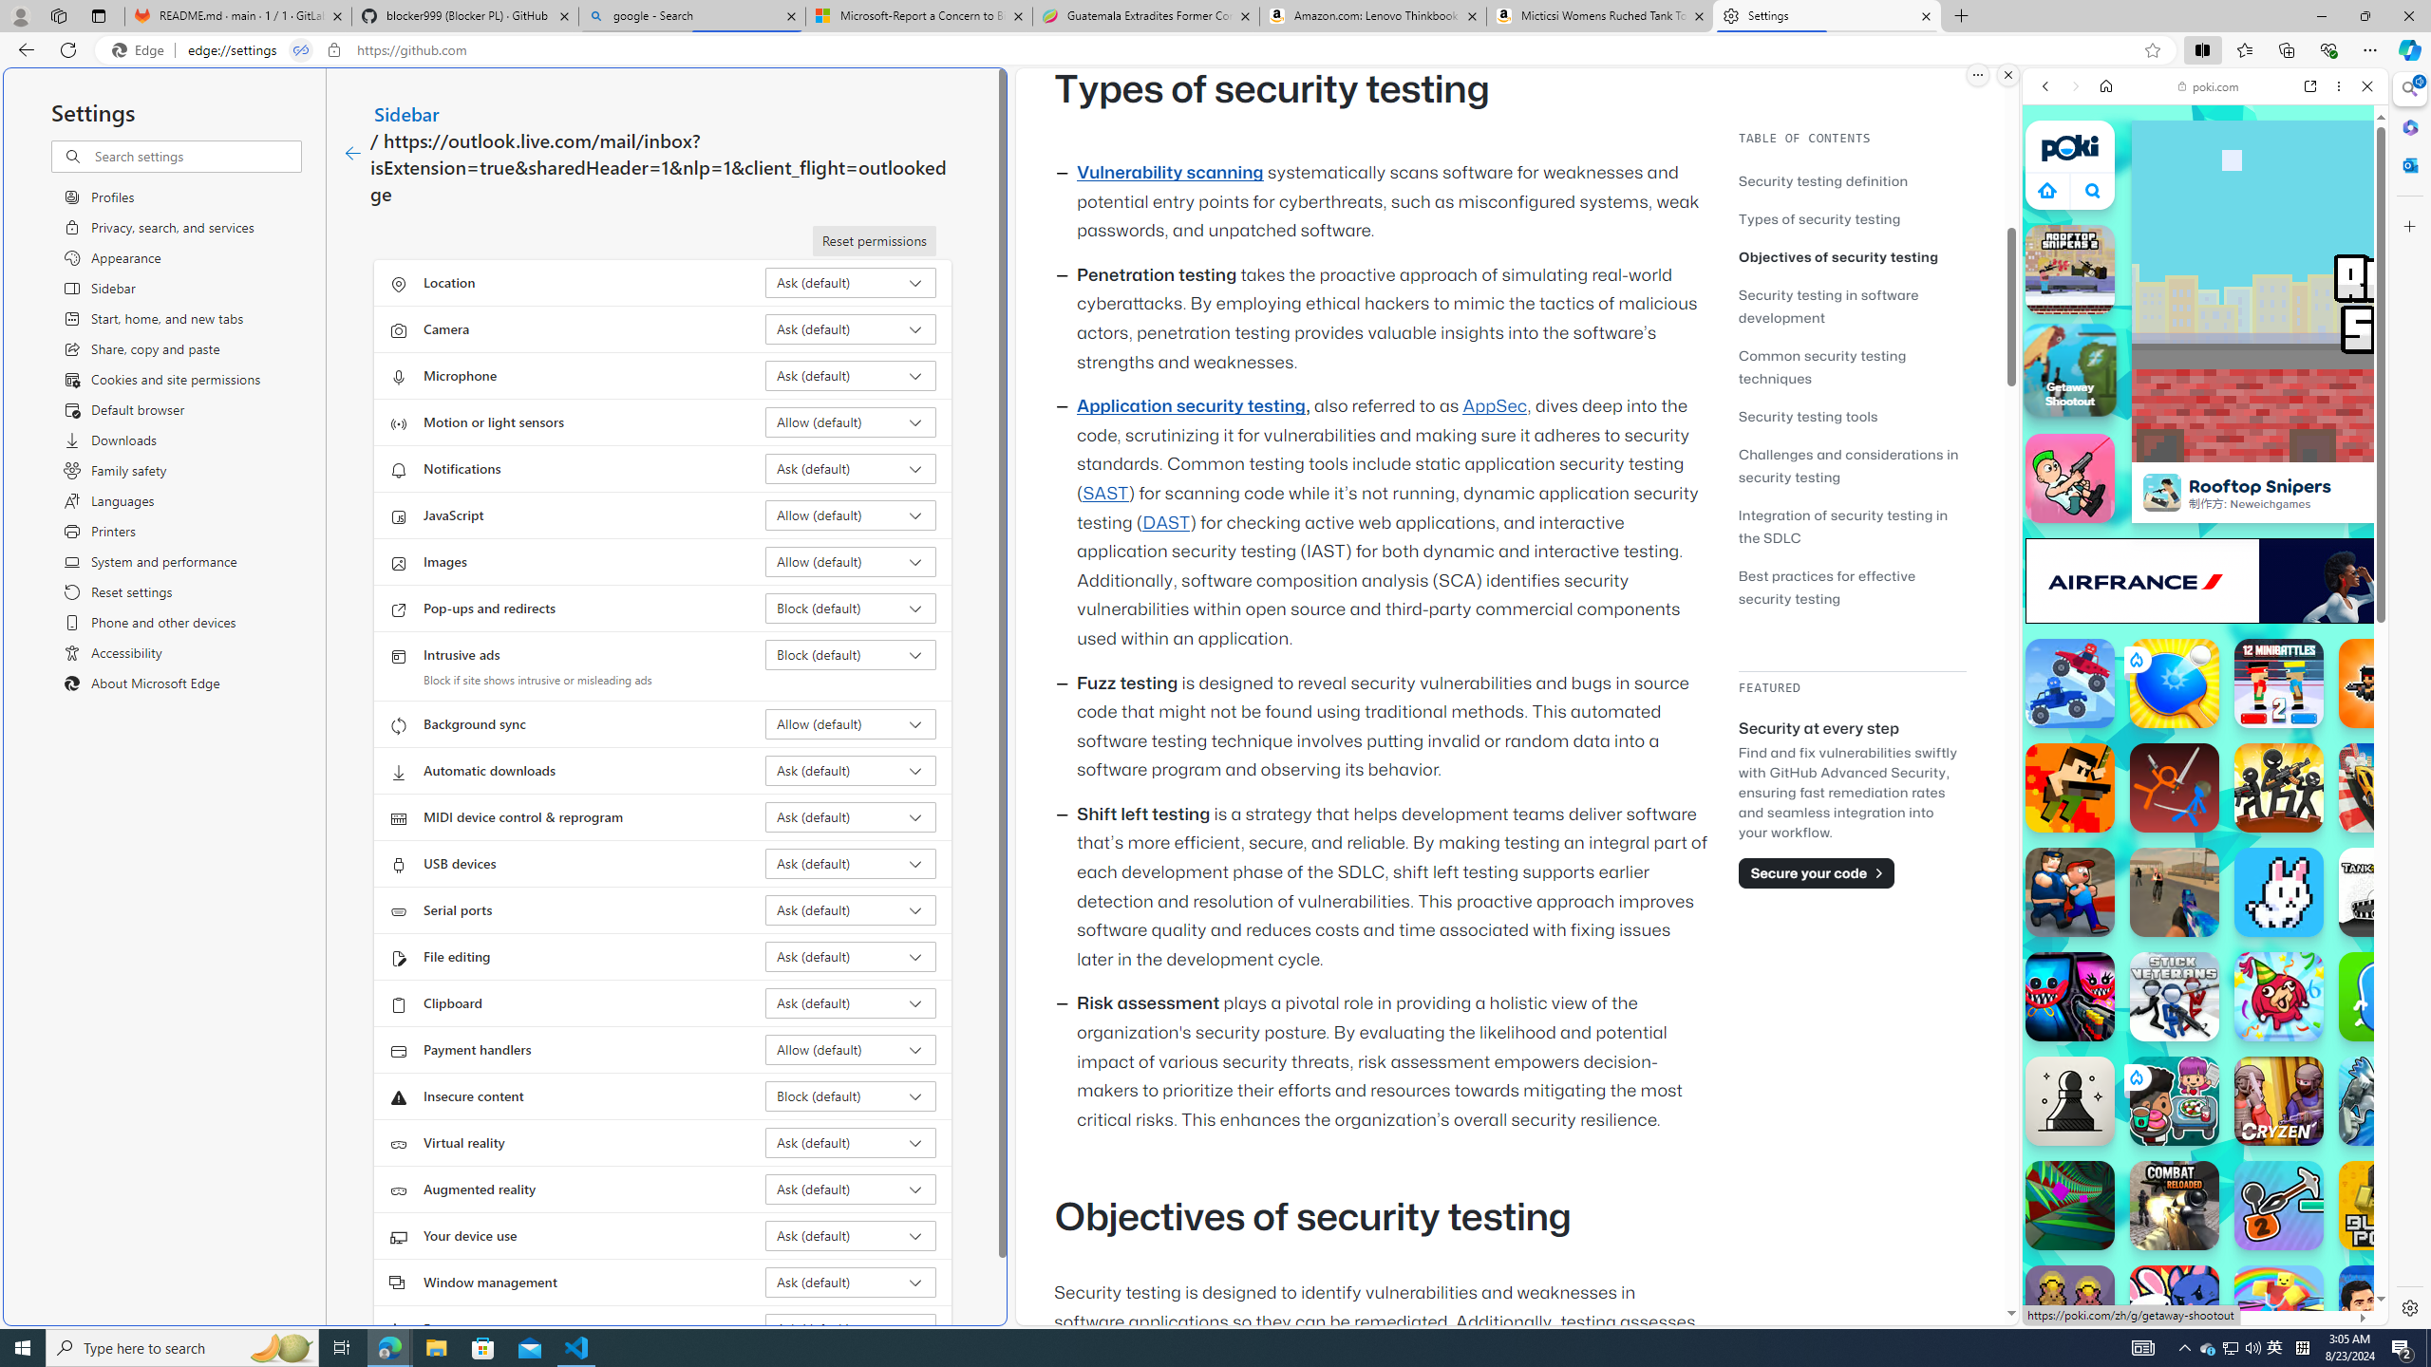 The height and width of the screenshot is (1367, 2431). What do you see at coordinates (1851, 526) in the screenshot?
I see `'Integration of security testing in the SDLC'` at bounding box center [1851, 526].